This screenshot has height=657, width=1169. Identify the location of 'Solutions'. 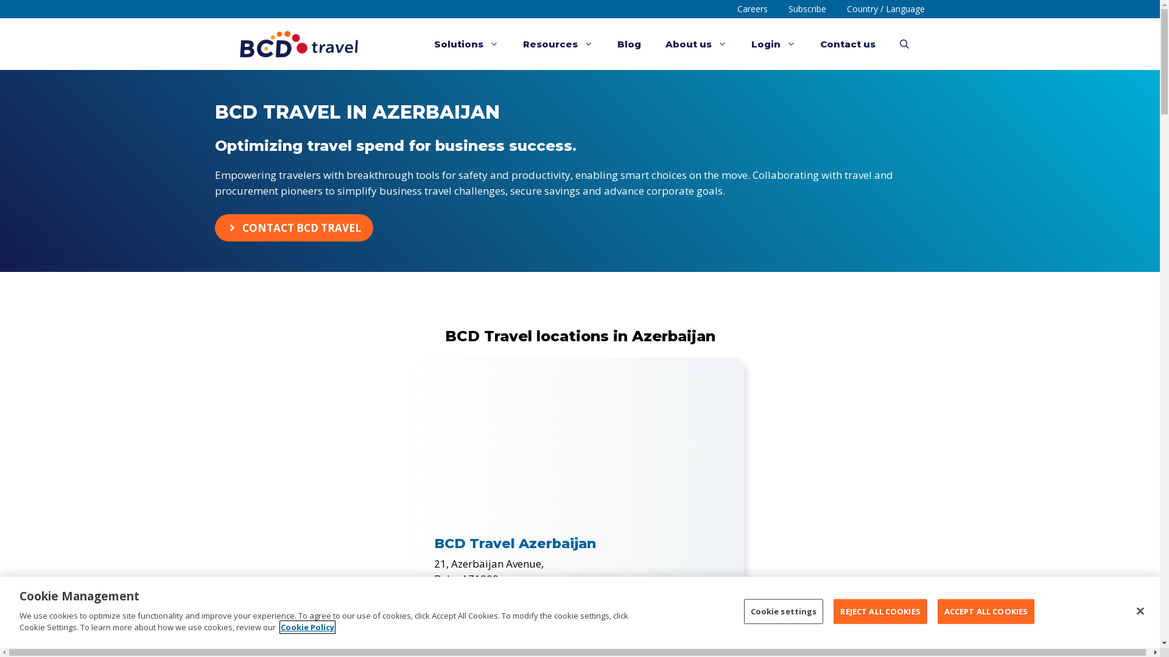
(421, 43).